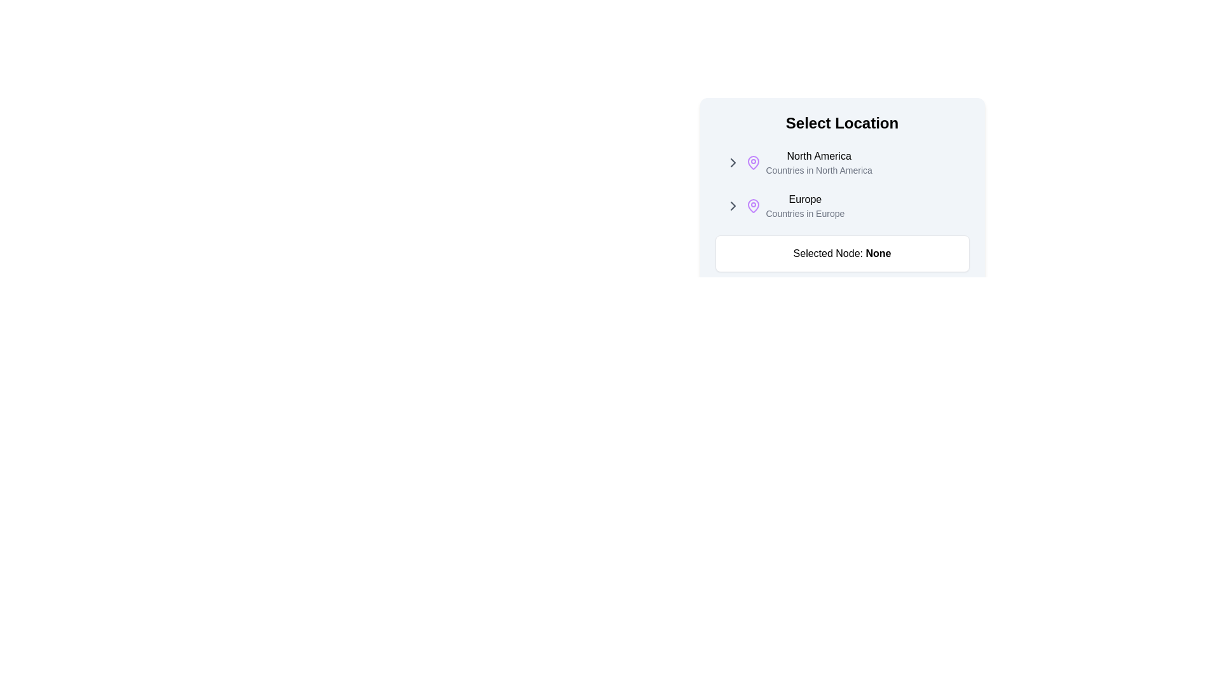 The height and width of the screenshot is (687, 1221). I want to click on the static text header displaying 'Select Location', which is bold and large with a black font, located at the top of a box with rounded corners and a light gray background, so click(842, 123).